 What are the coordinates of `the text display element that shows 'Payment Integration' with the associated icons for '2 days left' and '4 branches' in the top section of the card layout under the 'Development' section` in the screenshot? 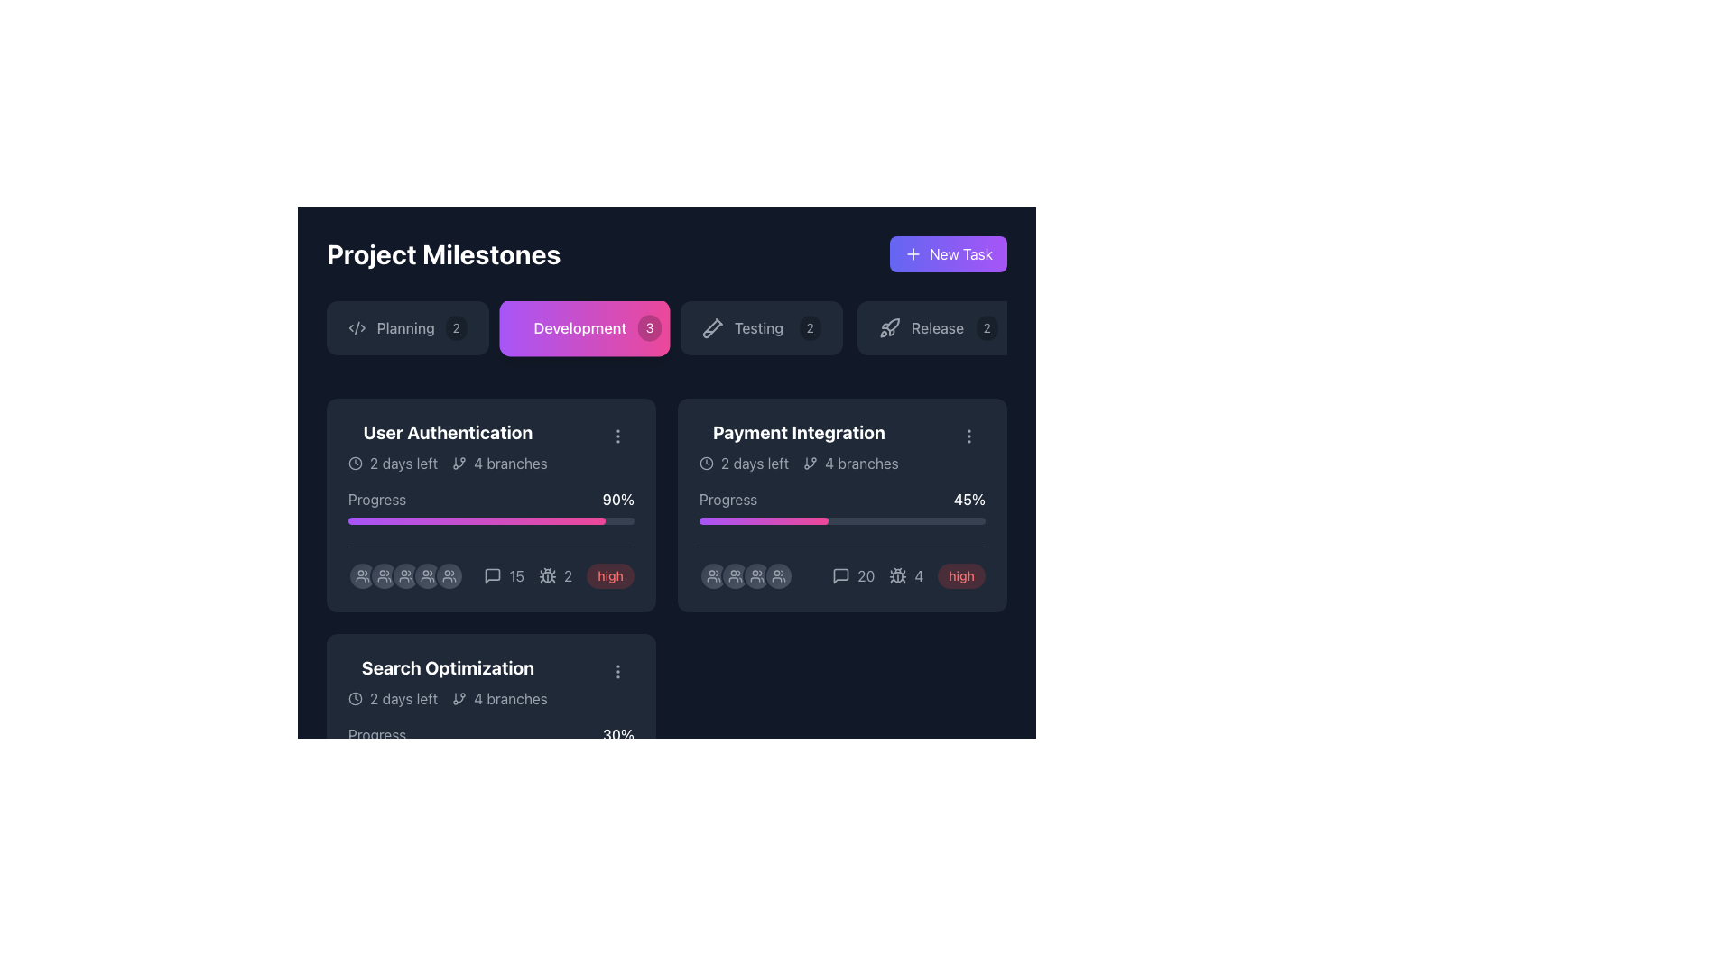 It's located at (798, 446).